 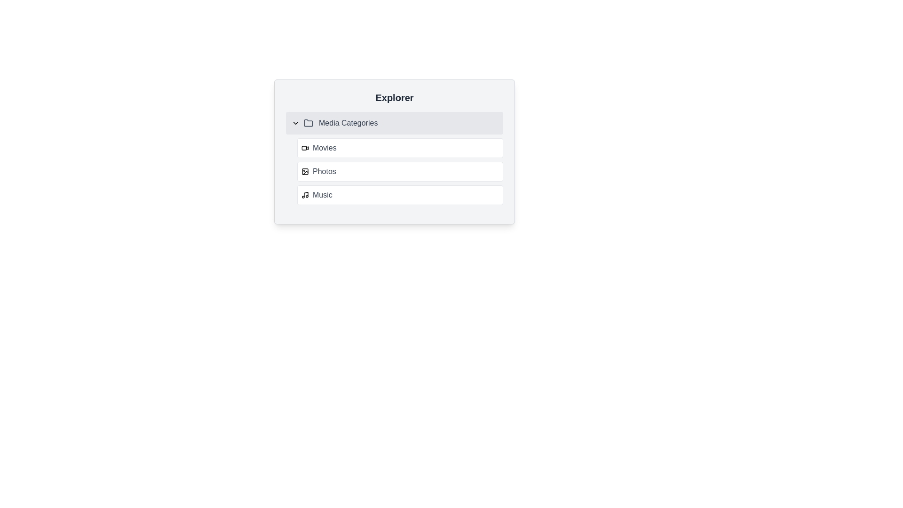 I want to click on the rectangular icon component with rounded corners located in the 'Photos' option of the Media Categories list, so click(x=305, y=172).